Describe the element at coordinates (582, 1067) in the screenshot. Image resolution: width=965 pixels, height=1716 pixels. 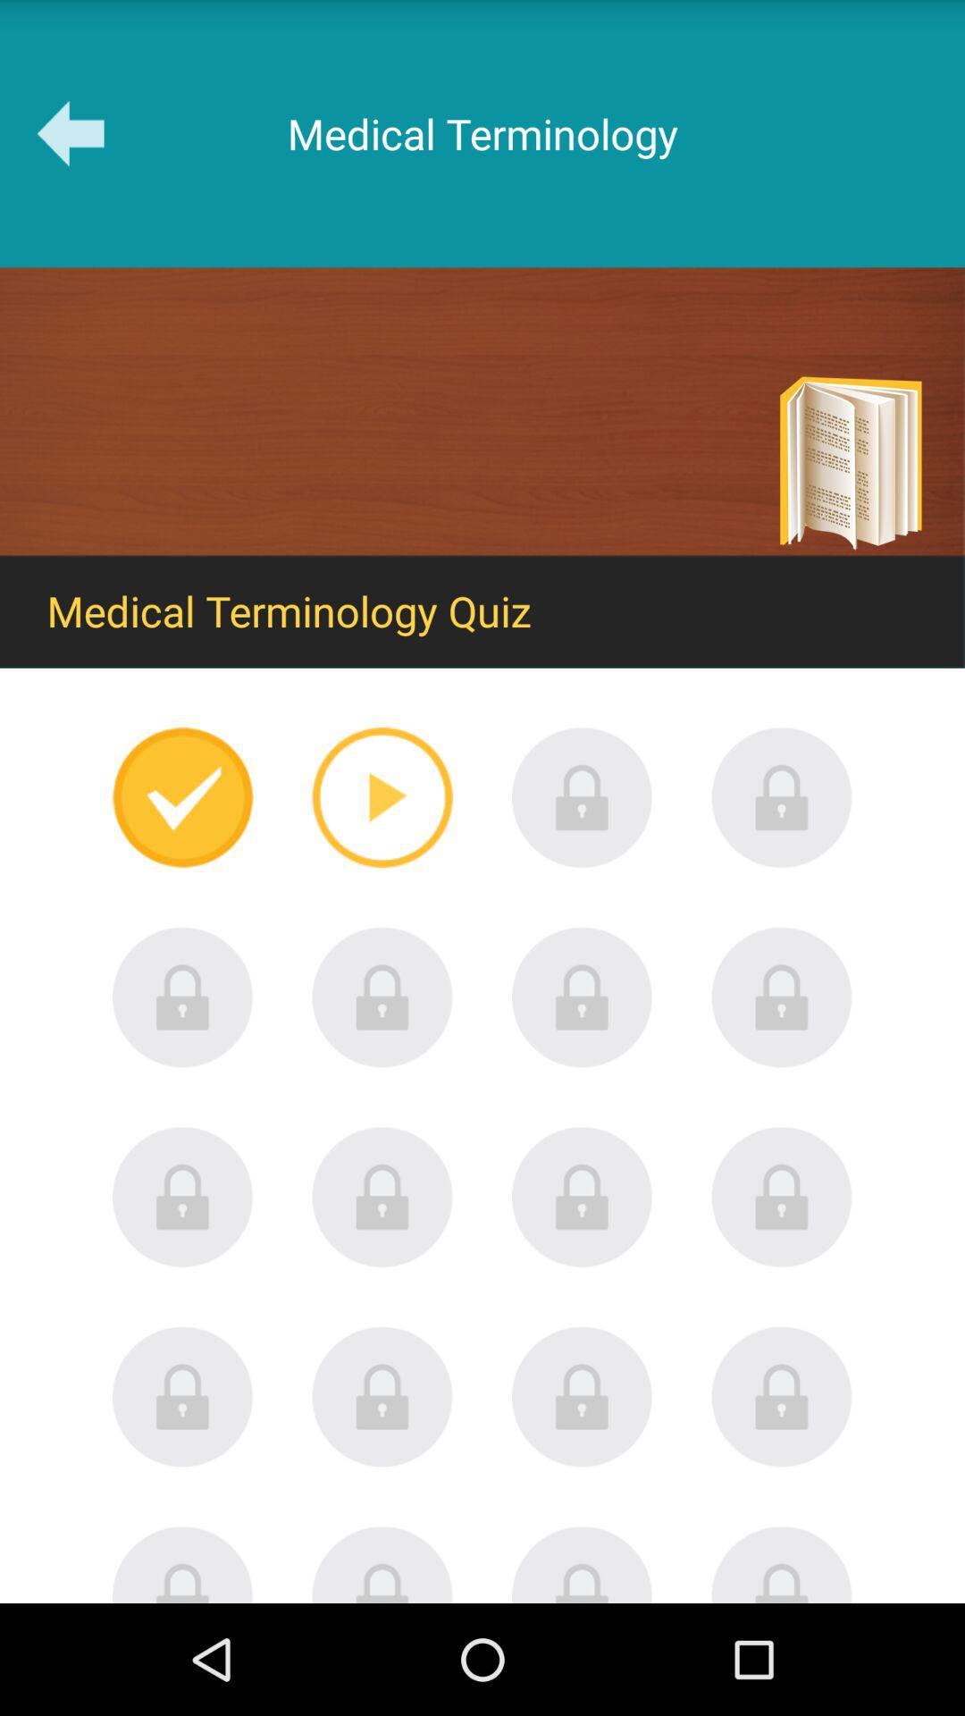
I see `the lock icon` at that location.